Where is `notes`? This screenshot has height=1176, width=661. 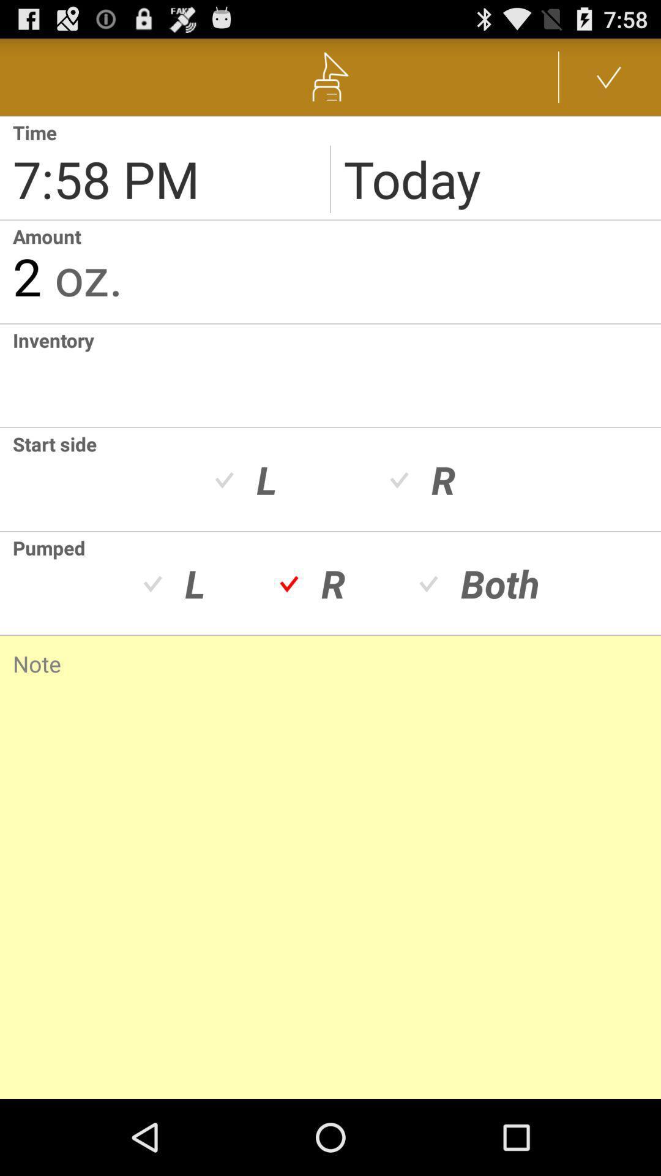
notes is located at coordinates (330, 850).